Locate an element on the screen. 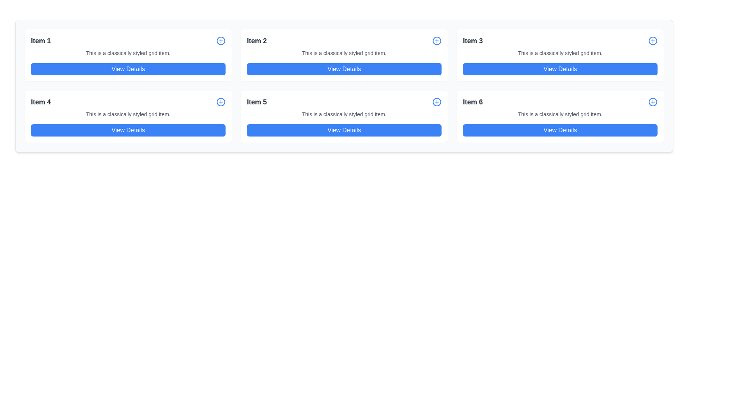 This screenshot has height=413, width=734. the SVG circle element located within the interactive icon in the top-right corner of the card labeled 'Item 3' is located at coordinates (653, 41).